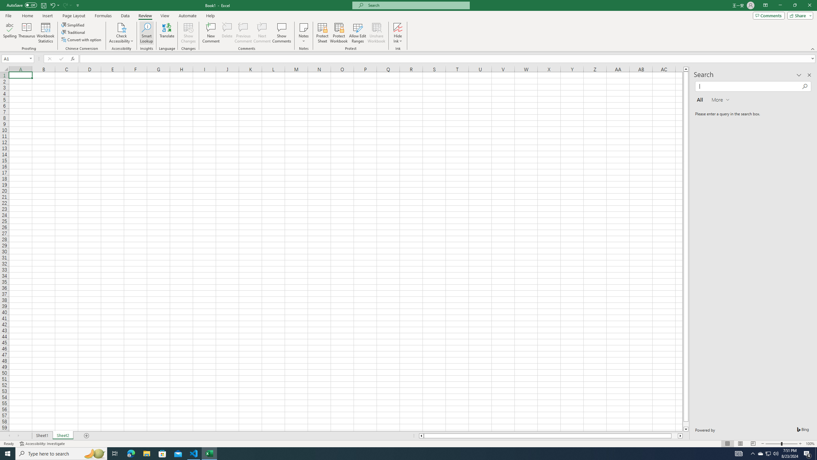 Image resolution: width=817 pixels, height=460 pixels. Describe the element at coordinates (74, 32) in the screenshot. I see `'Traditional'` at that location.